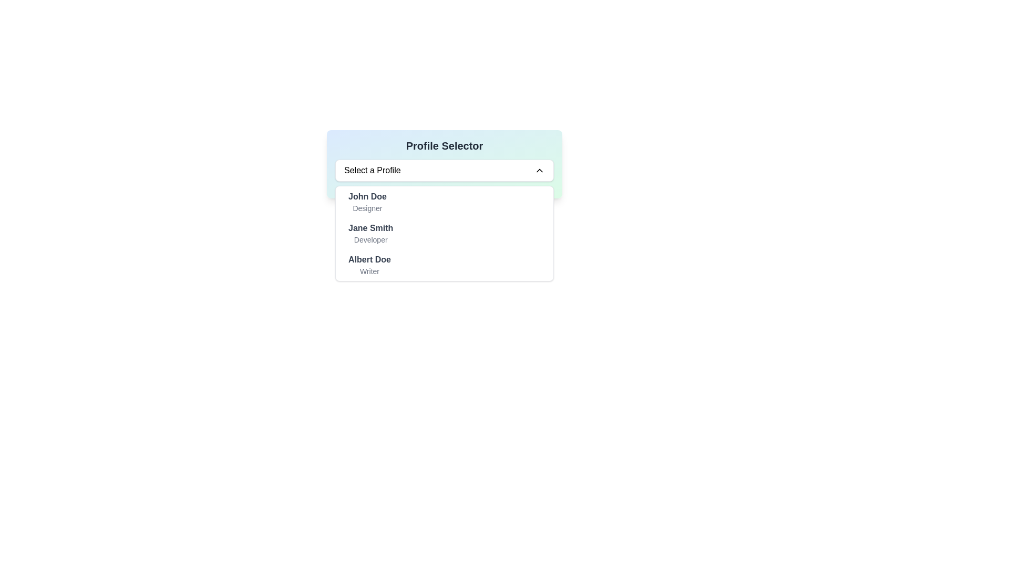 The width and height of the screenshot is (1009, 567). I want to click on the 'Select a Profile' text label, which is prominently displayed in a dropdown-like UI component, positioned in the upper-middle section of the interface, so click(372, 170).